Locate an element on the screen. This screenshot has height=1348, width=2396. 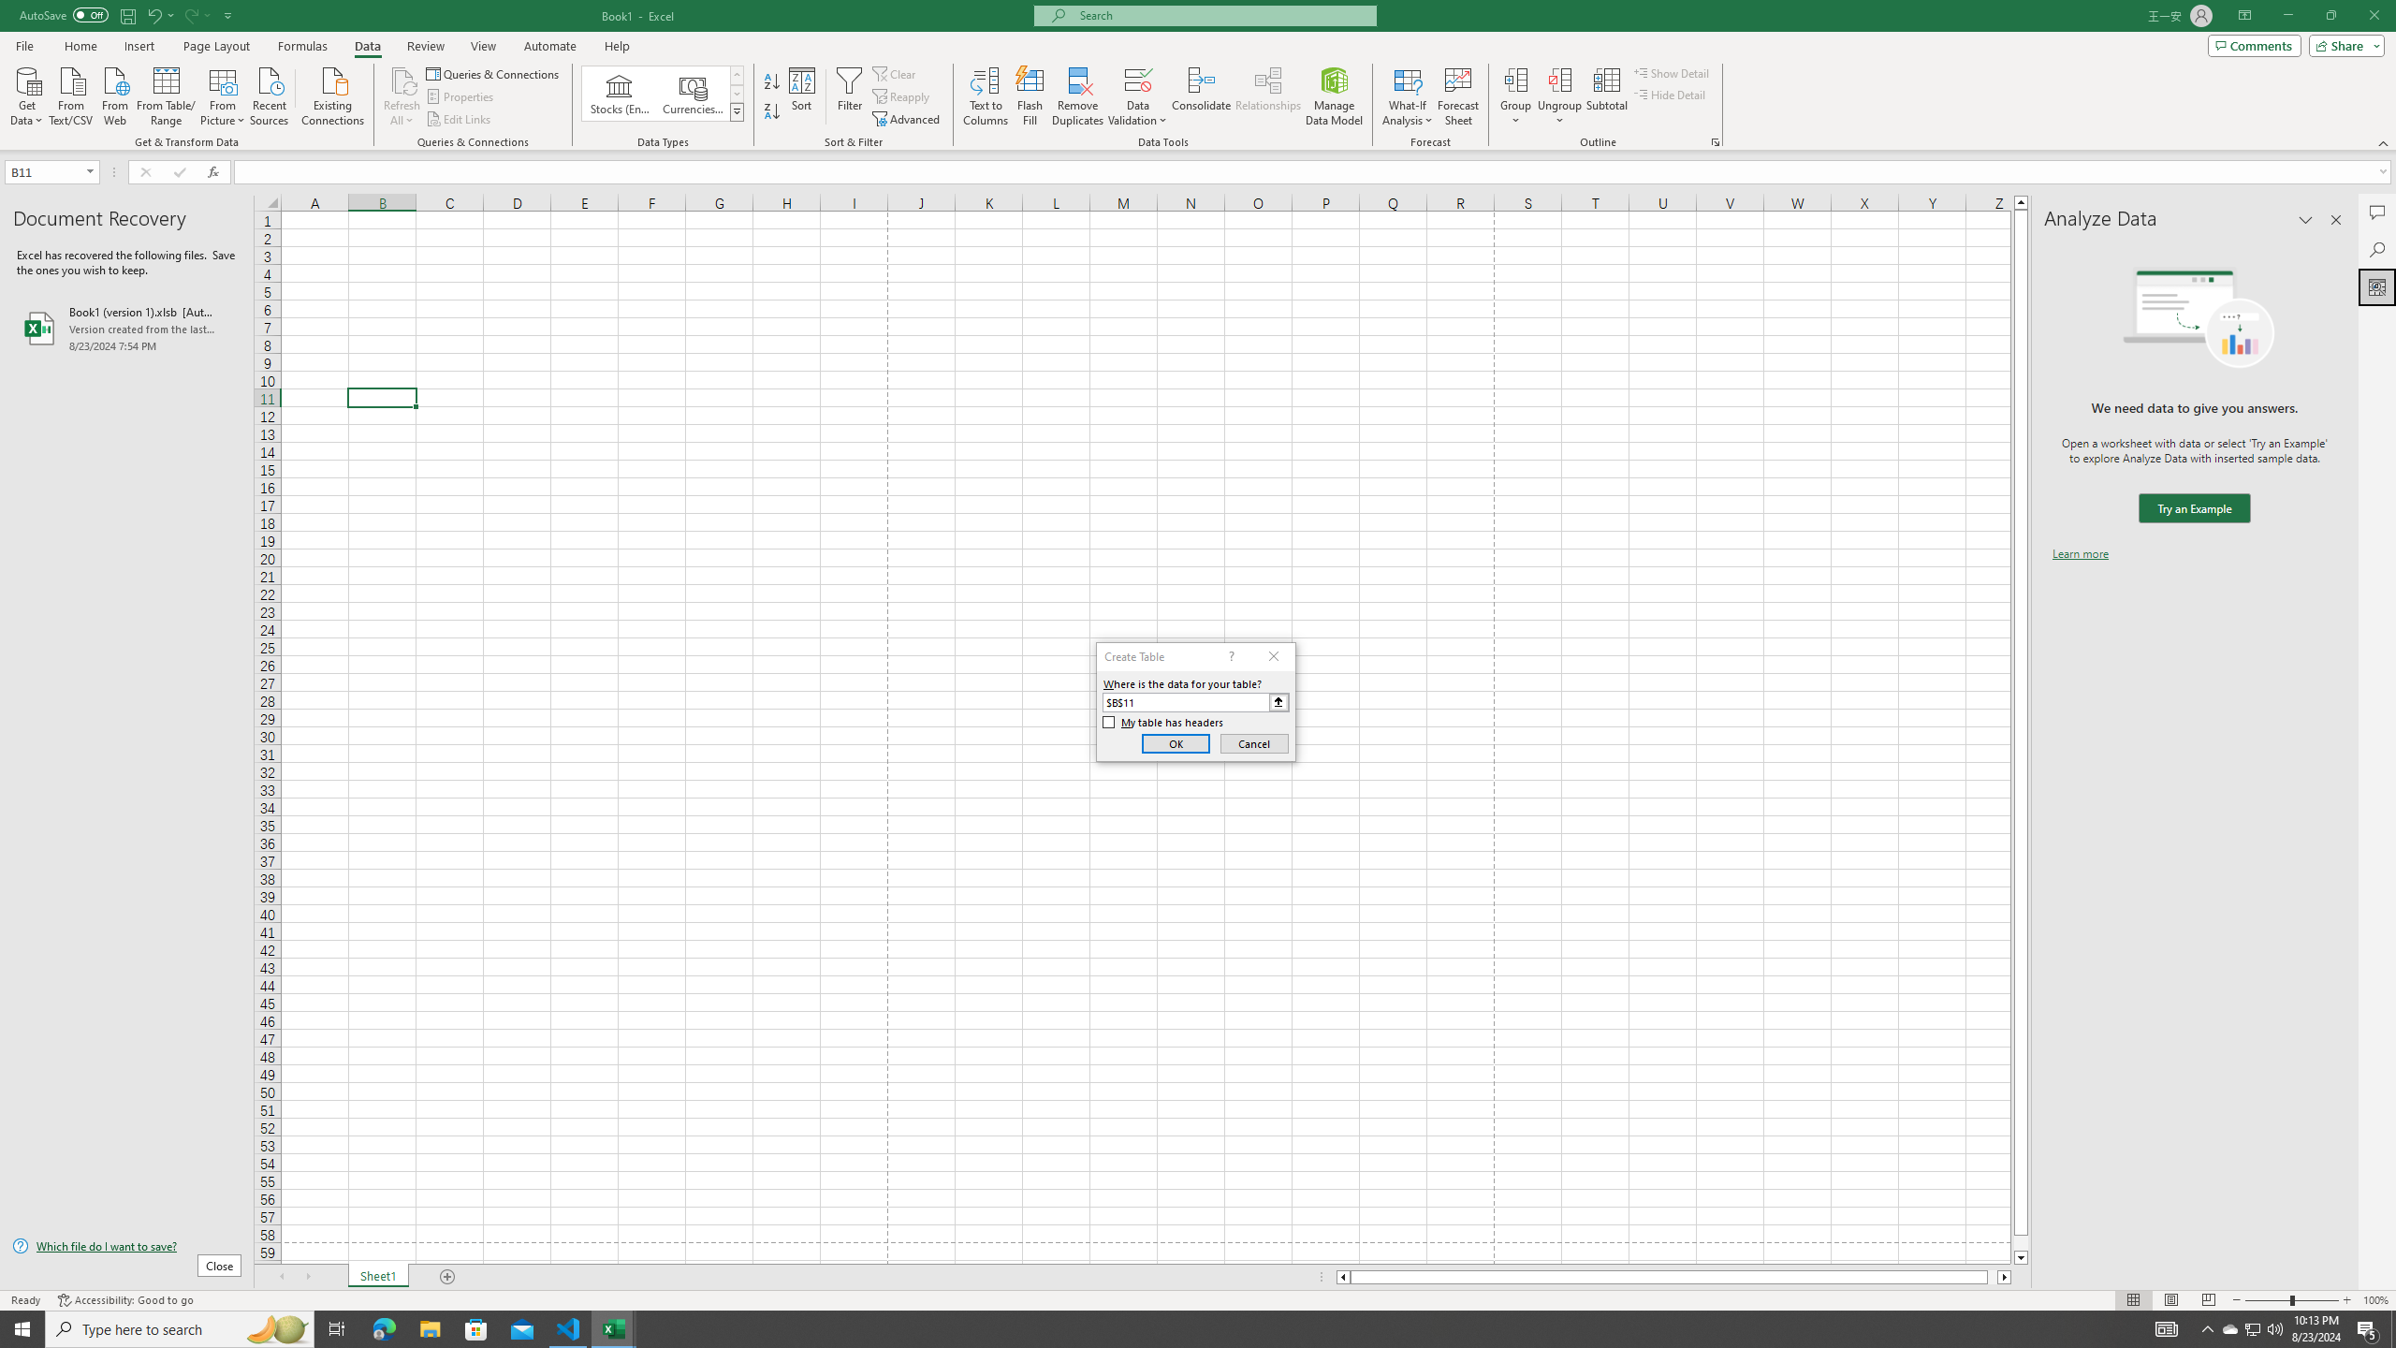
'System' is located at coordinates (10, 8).